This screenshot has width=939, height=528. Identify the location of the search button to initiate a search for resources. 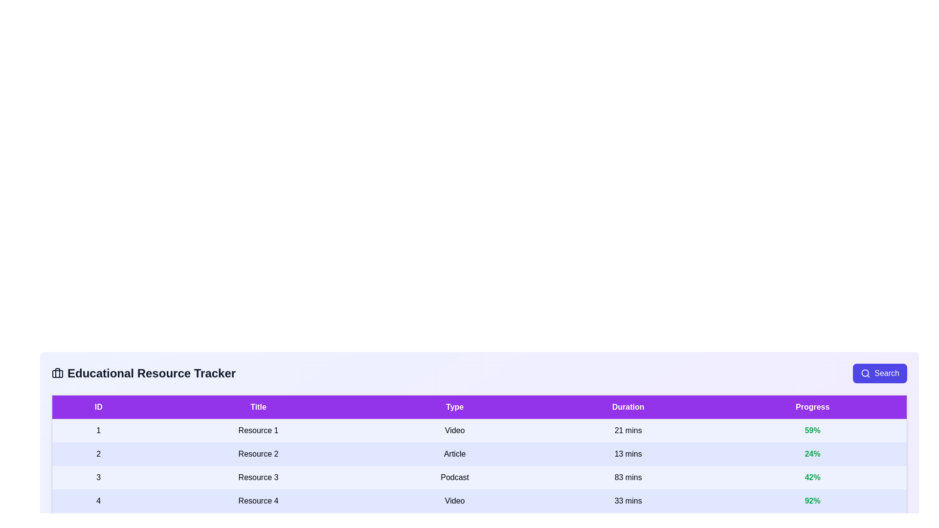
(880, 373).